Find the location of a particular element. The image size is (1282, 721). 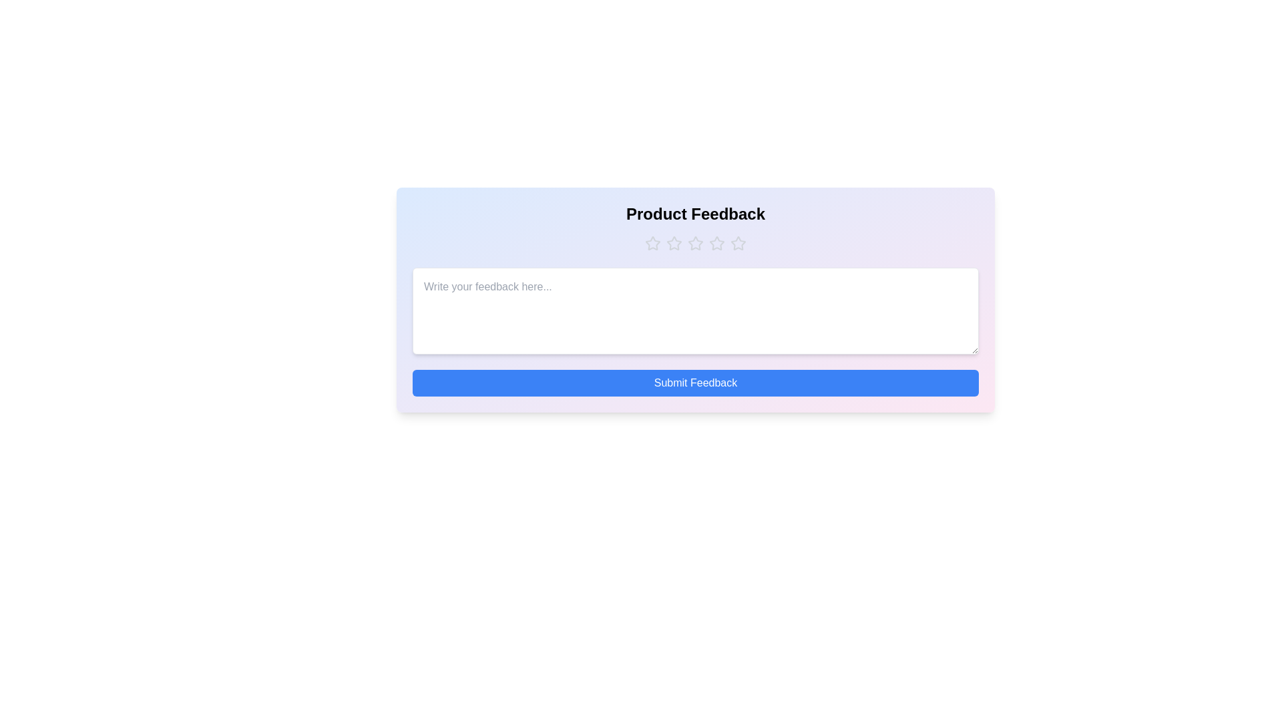

the rating to 2 stars by clicking on the corresponding star is located at coordinates (674, 244).